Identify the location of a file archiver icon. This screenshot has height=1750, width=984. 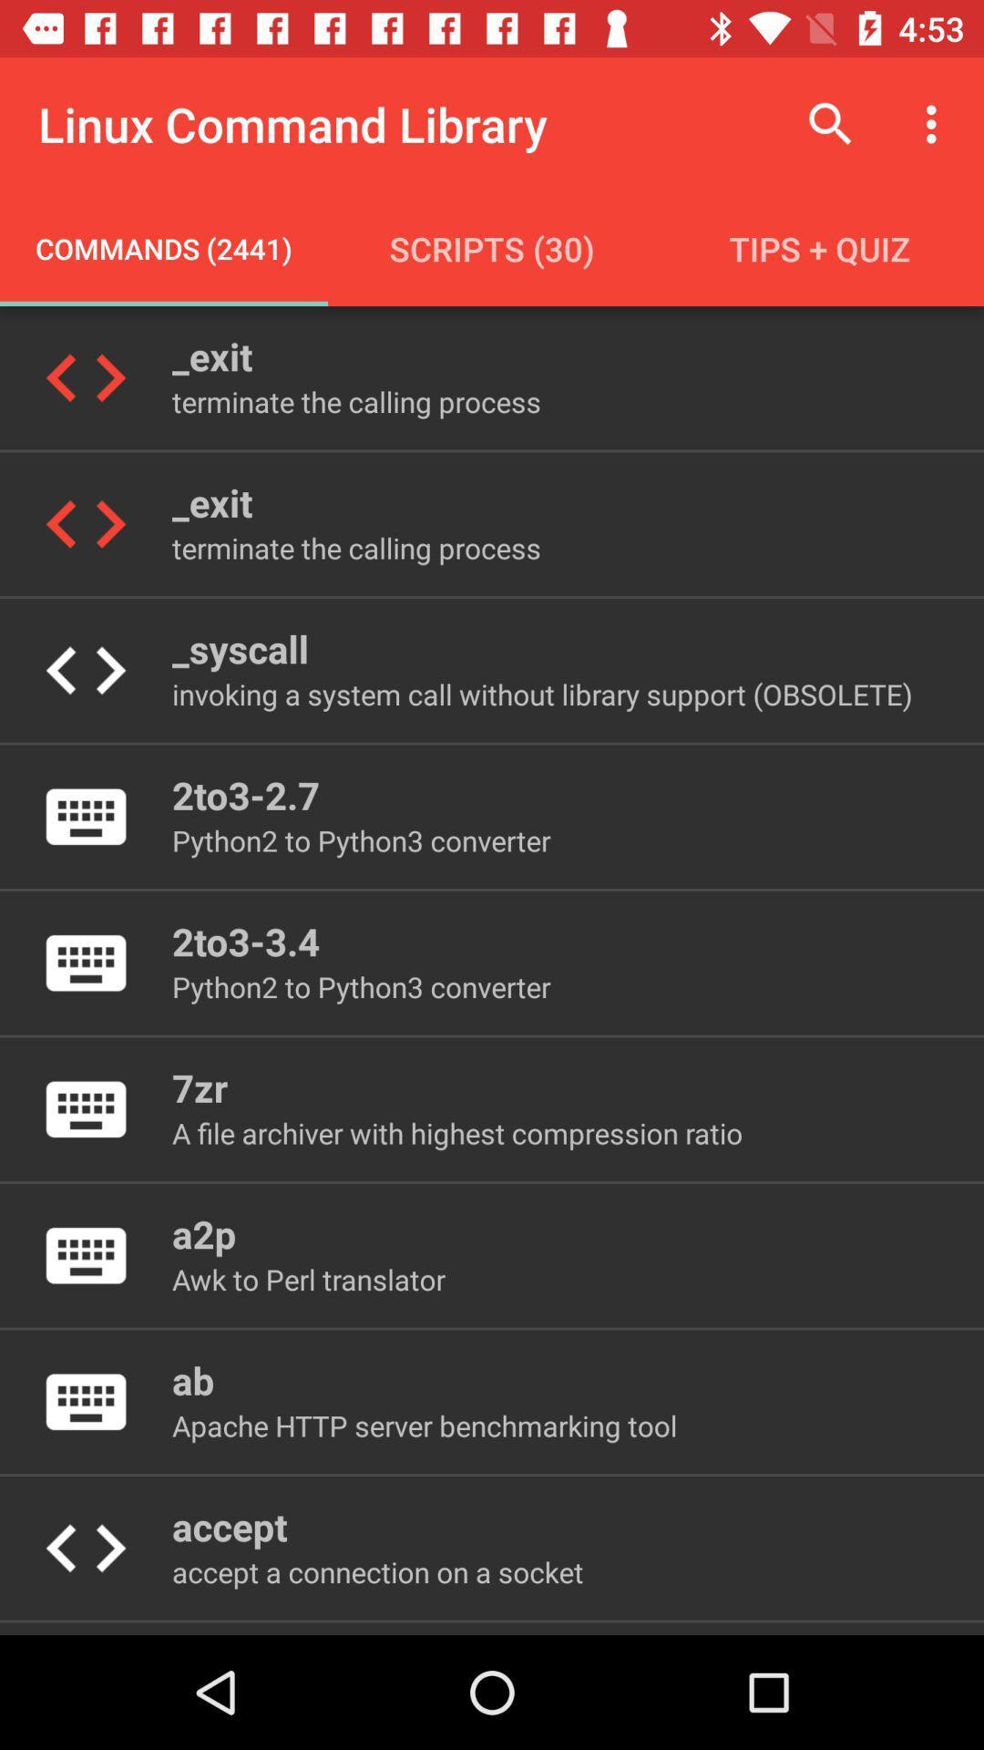
(456, 1132).